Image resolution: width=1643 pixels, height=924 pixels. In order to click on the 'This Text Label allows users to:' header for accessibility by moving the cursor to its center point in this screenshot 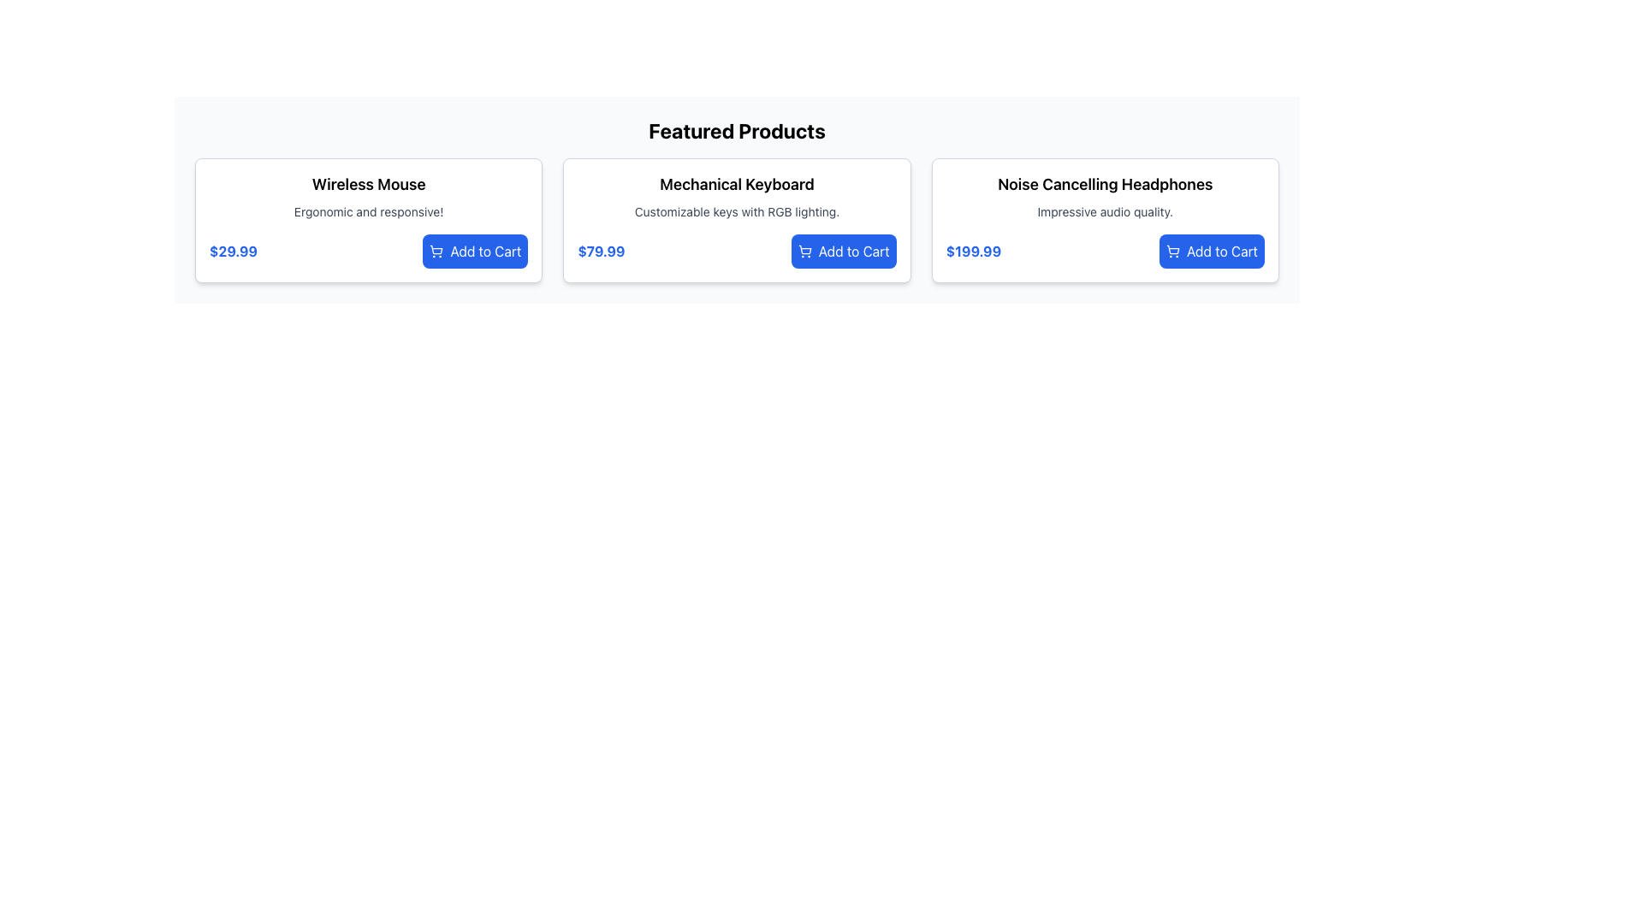, I will do `click(737, 130)`.